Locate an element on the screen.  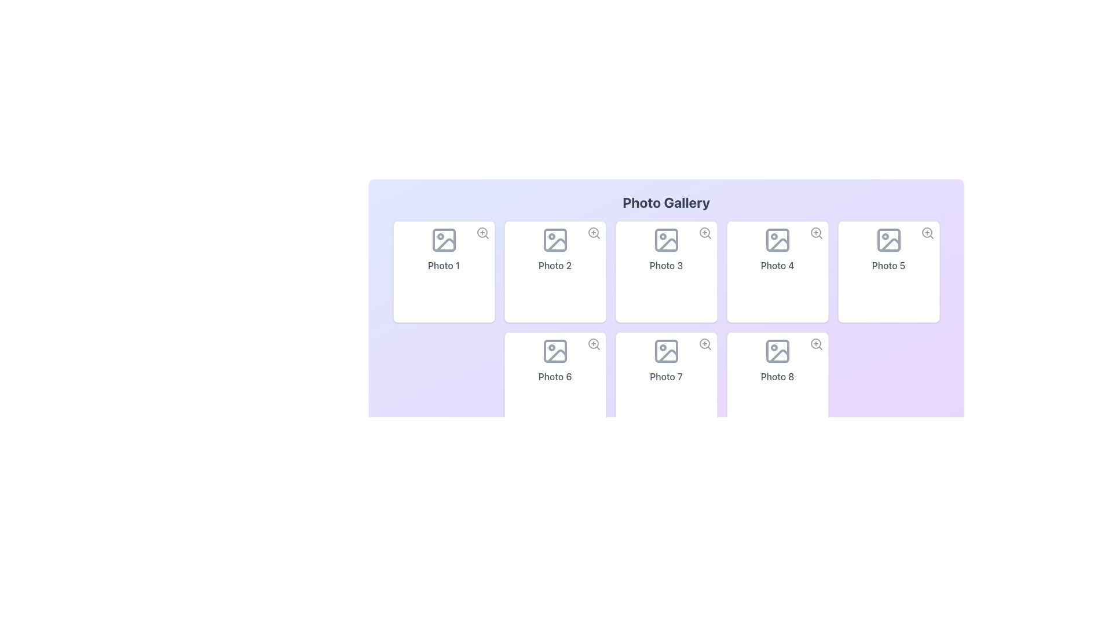
the zoom-in icon button located at the top-right corner of the 'Photo 2' card is located at coordinates (594, 233).